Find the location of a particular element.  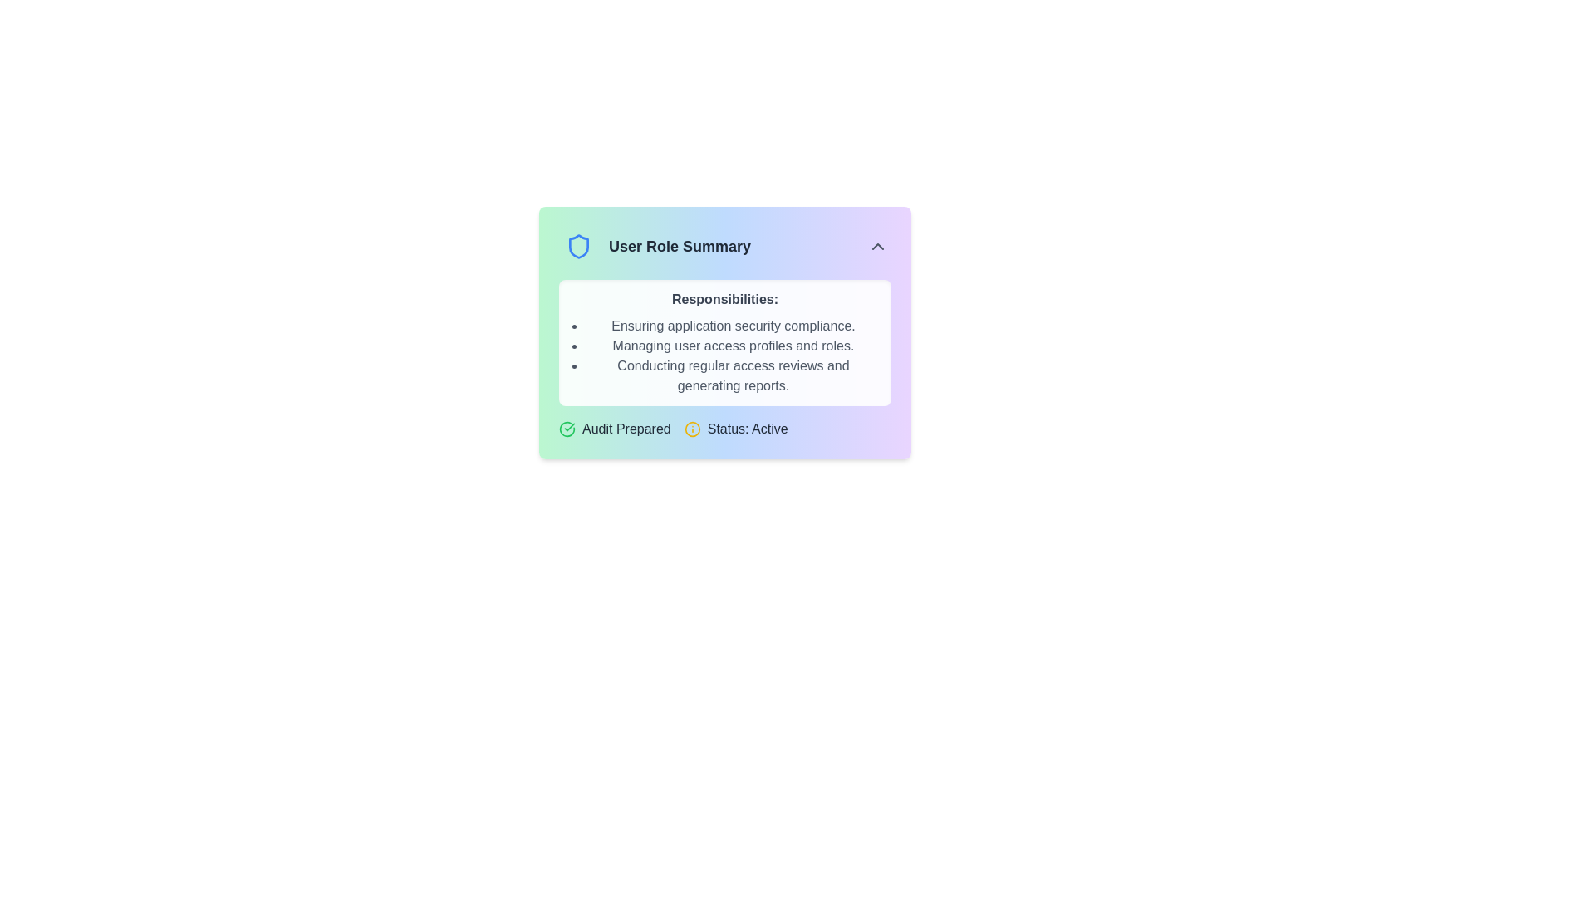

the shield-shaped icon with a blue outline located in the top-left corner of the 'User Role Summary' card component is located at coordinates (578, 247).